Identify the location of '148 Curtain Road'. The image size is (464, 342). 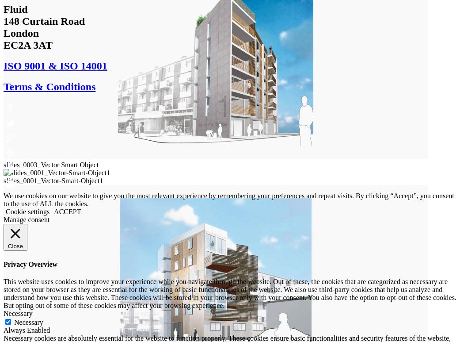
(44, 20).